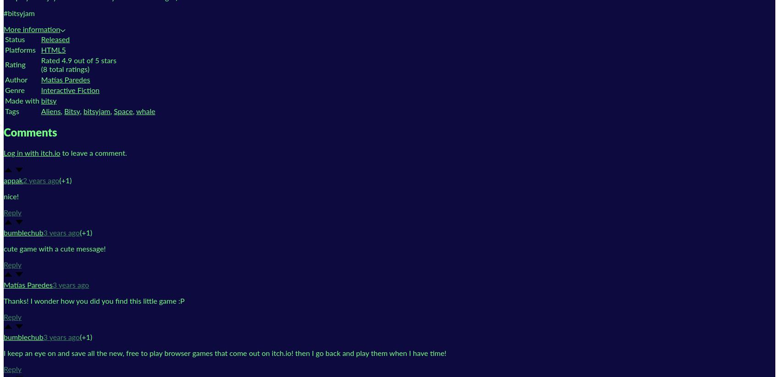 The width and height of the screenshot is (779, 377). Describe the element at coordinates (78, 60) in the screenshot. I see `'Rated 4.9 out of 5 stars'` at that location.